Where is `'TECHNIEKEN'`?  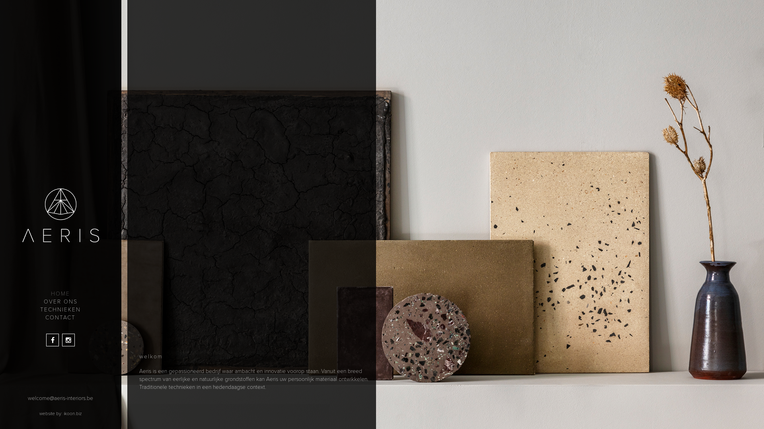 'TECHNIEKEN' is located at coordinates (60, 309).